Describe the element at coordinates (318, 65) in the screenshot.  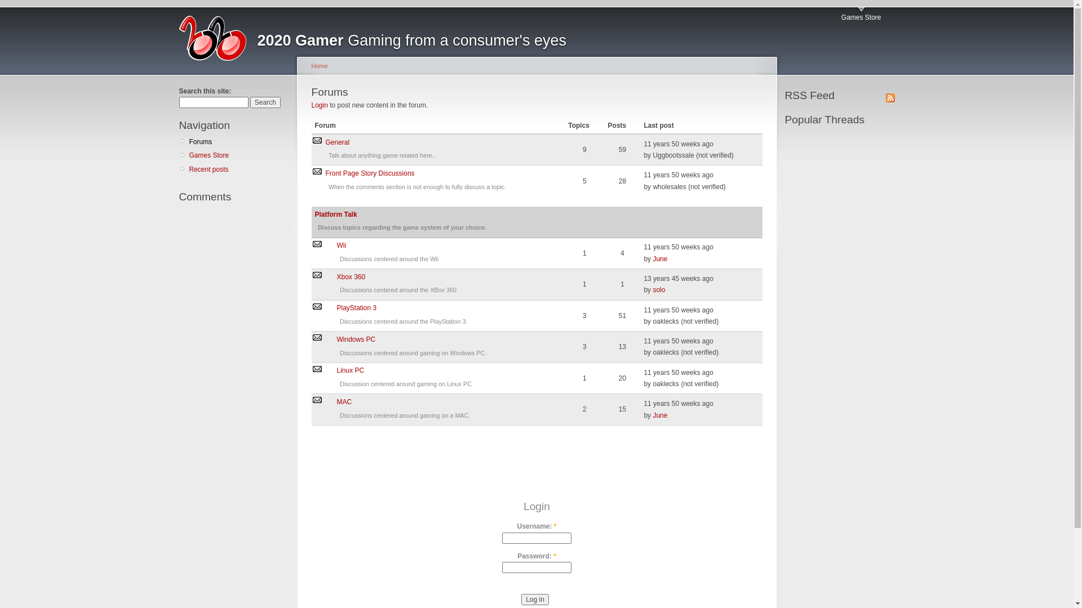
I see `'Home'` at that location.